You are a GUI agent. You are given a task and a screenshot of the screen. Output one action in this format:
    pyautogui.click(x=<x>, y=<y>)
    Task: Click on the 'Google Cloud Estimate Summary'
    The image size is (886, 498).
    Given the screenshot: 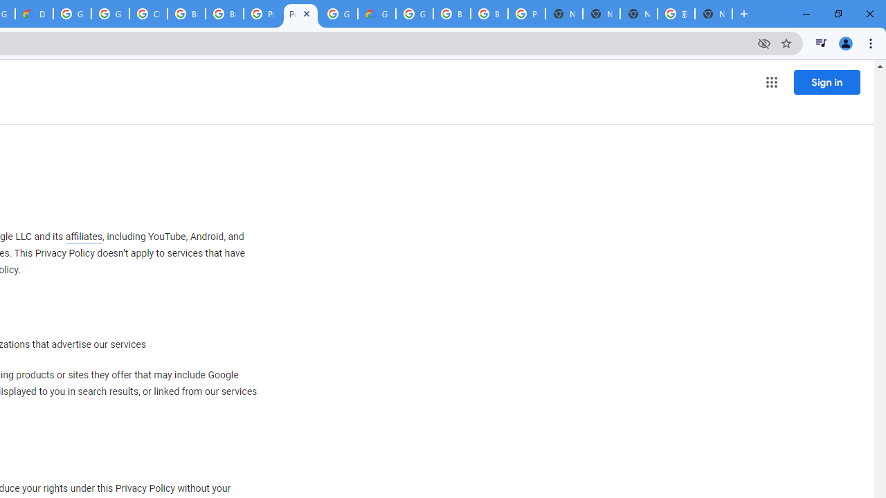 What is the action you would take?
    pyautogui.click(x=377, y=14)
    